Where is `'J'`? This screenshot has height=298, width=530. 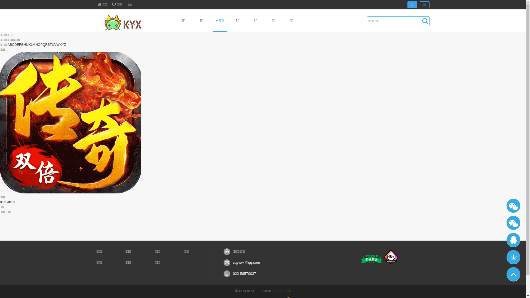
'J' is located at coordinates (27, 44).